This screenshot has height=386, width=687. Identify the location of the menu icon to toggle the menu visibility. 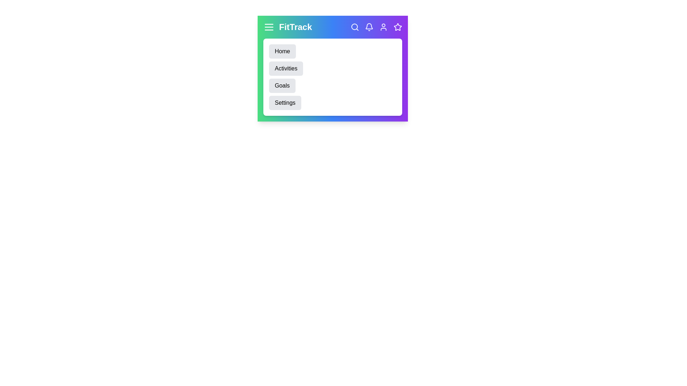
(269, 27).